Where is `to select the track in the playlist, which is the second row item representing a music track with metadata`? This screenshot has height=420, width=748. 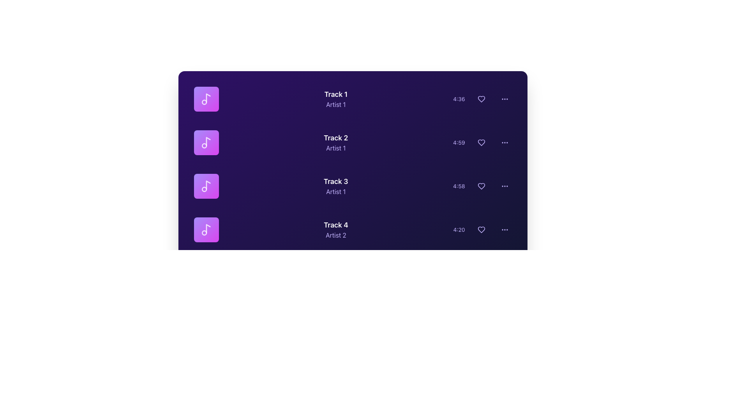 to select the track in the playlist, which is the second row item representing a music track with metadata is located at coordinates (352, 142).